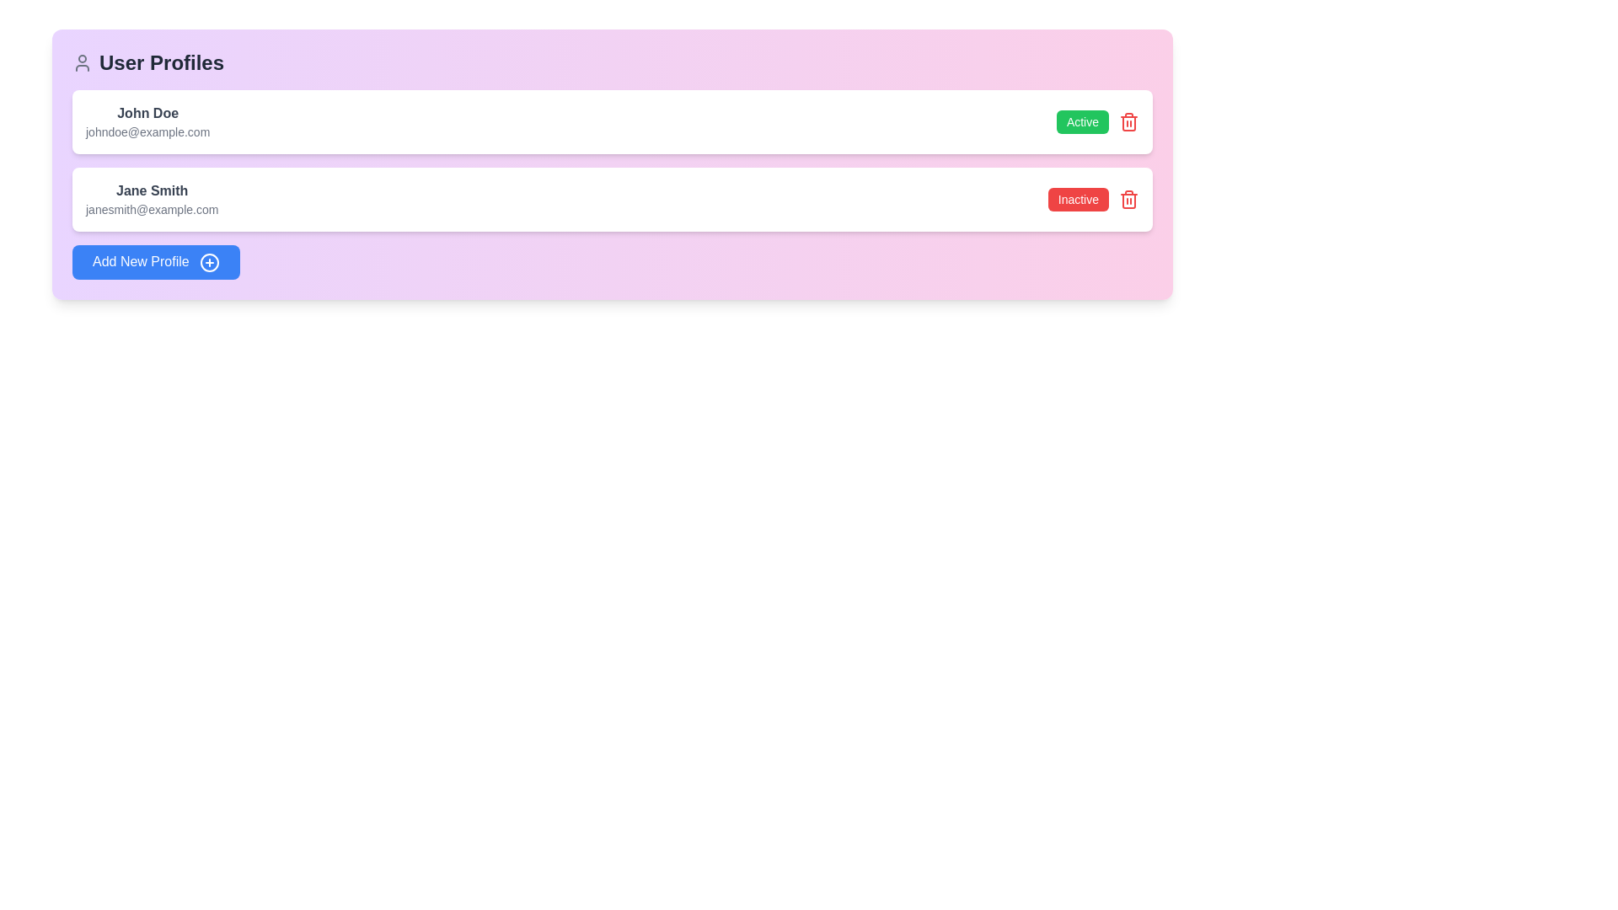  I want to click on the red trash bin icon located in the upper-right corner of John Doe's user profile card to trigger interaction effects, so click(1128, 121).